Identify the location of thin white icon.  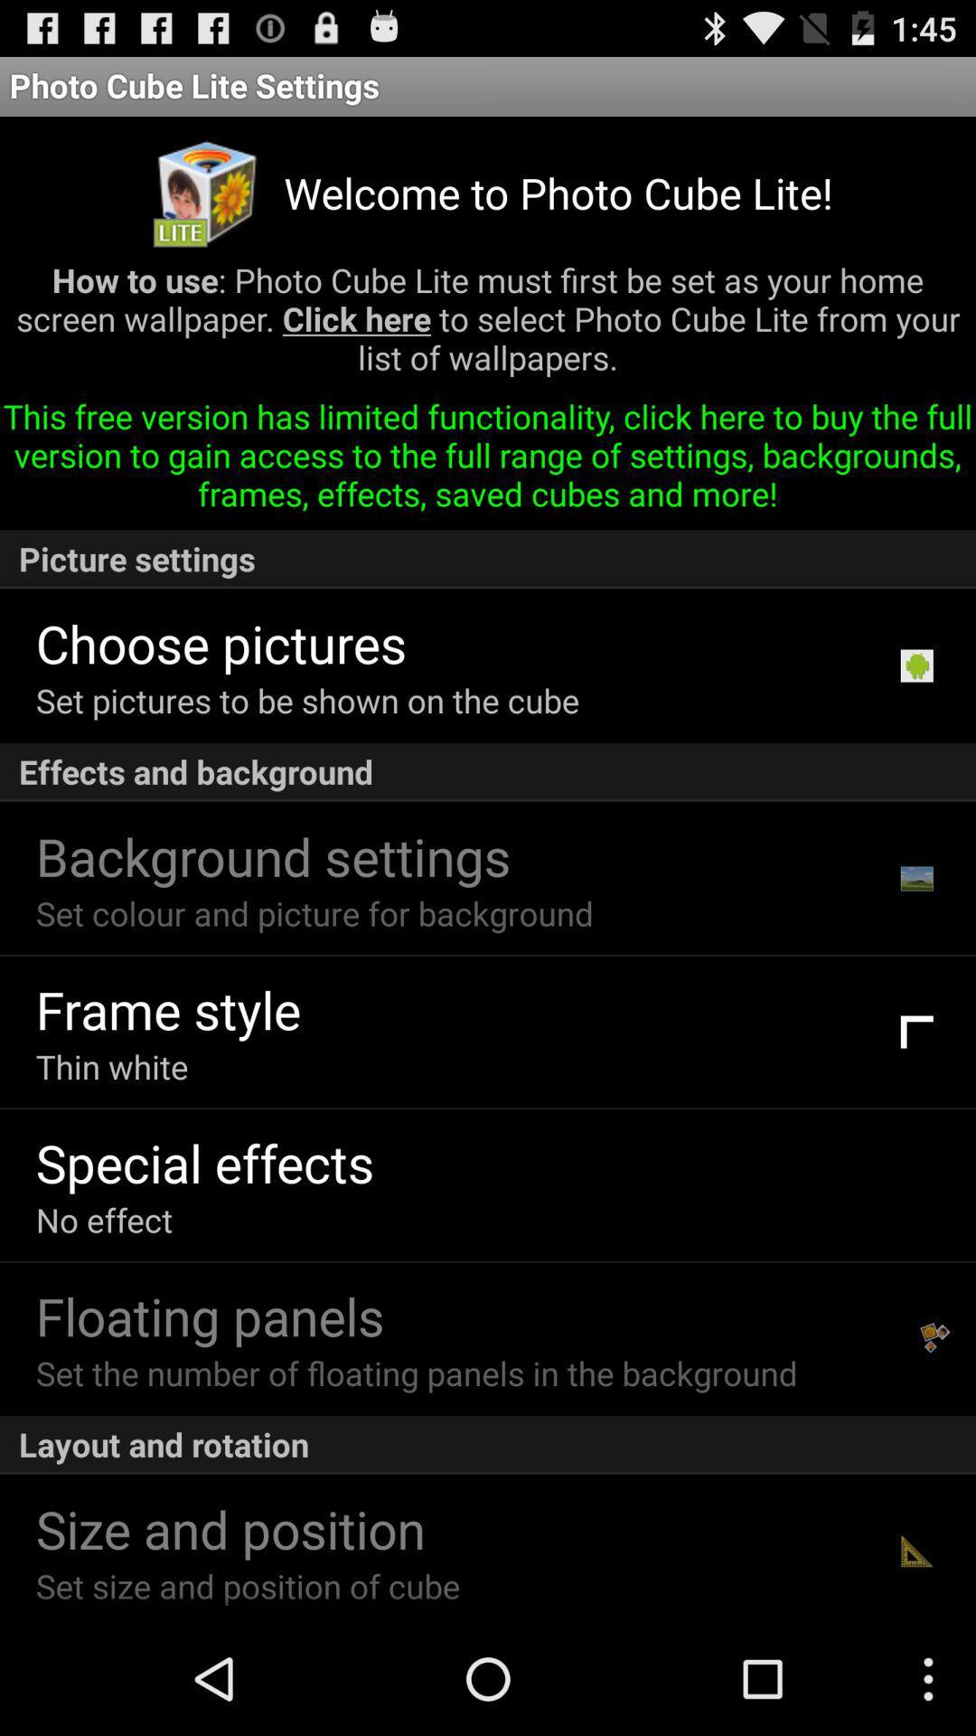
(112, 1066).